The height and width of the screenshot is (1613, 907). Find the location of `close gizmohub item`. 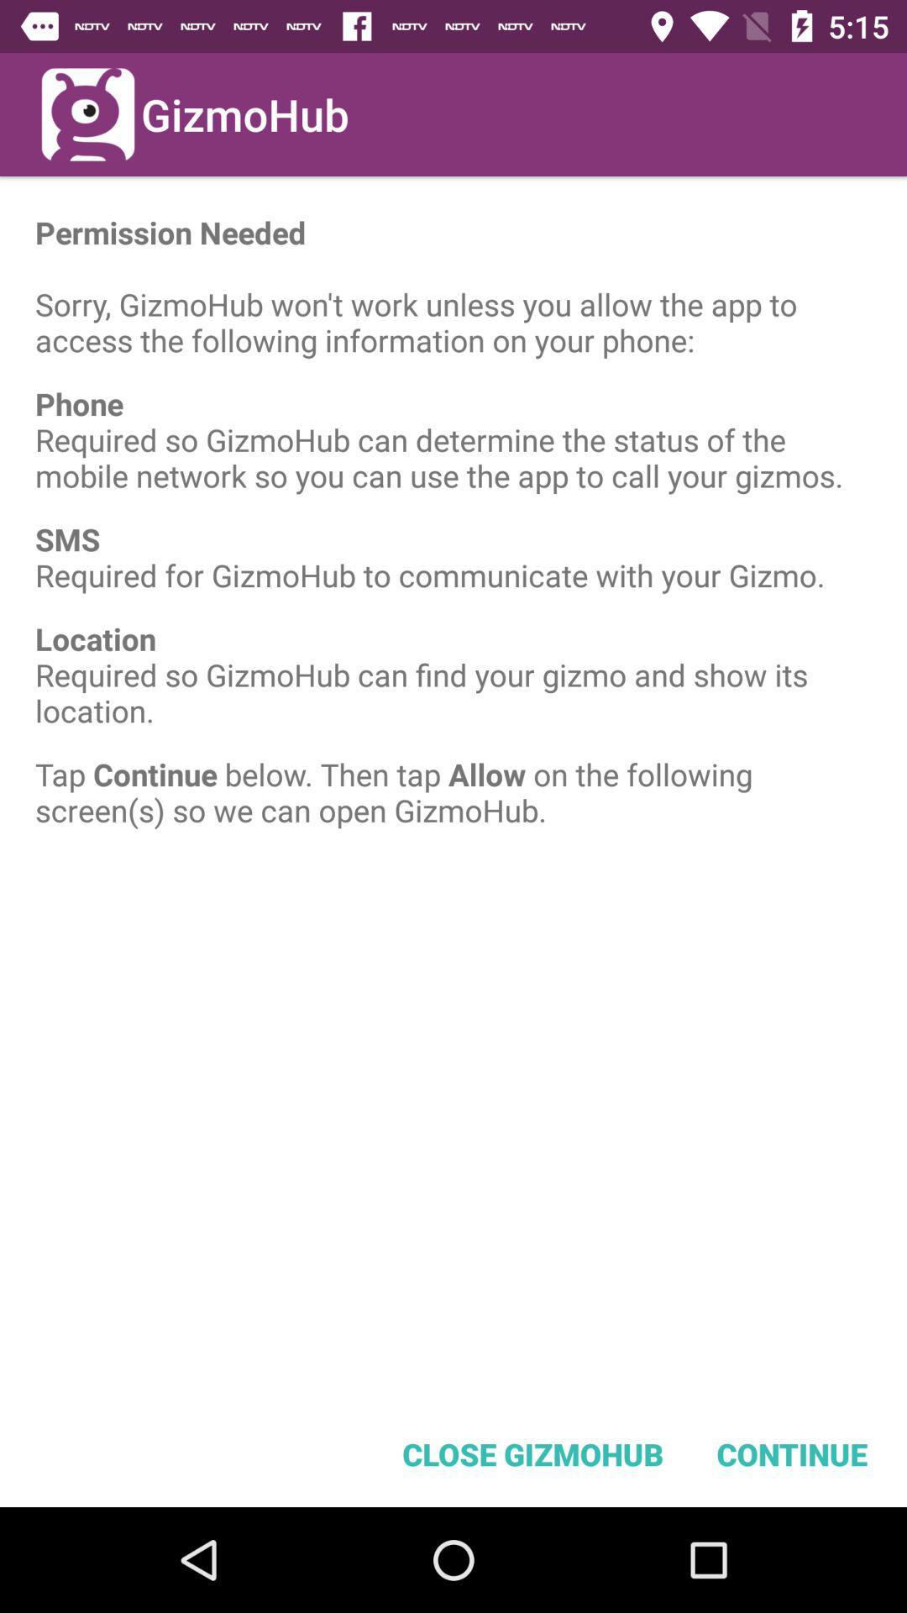

close gizmohub item is located at coordinates (532, 1453).